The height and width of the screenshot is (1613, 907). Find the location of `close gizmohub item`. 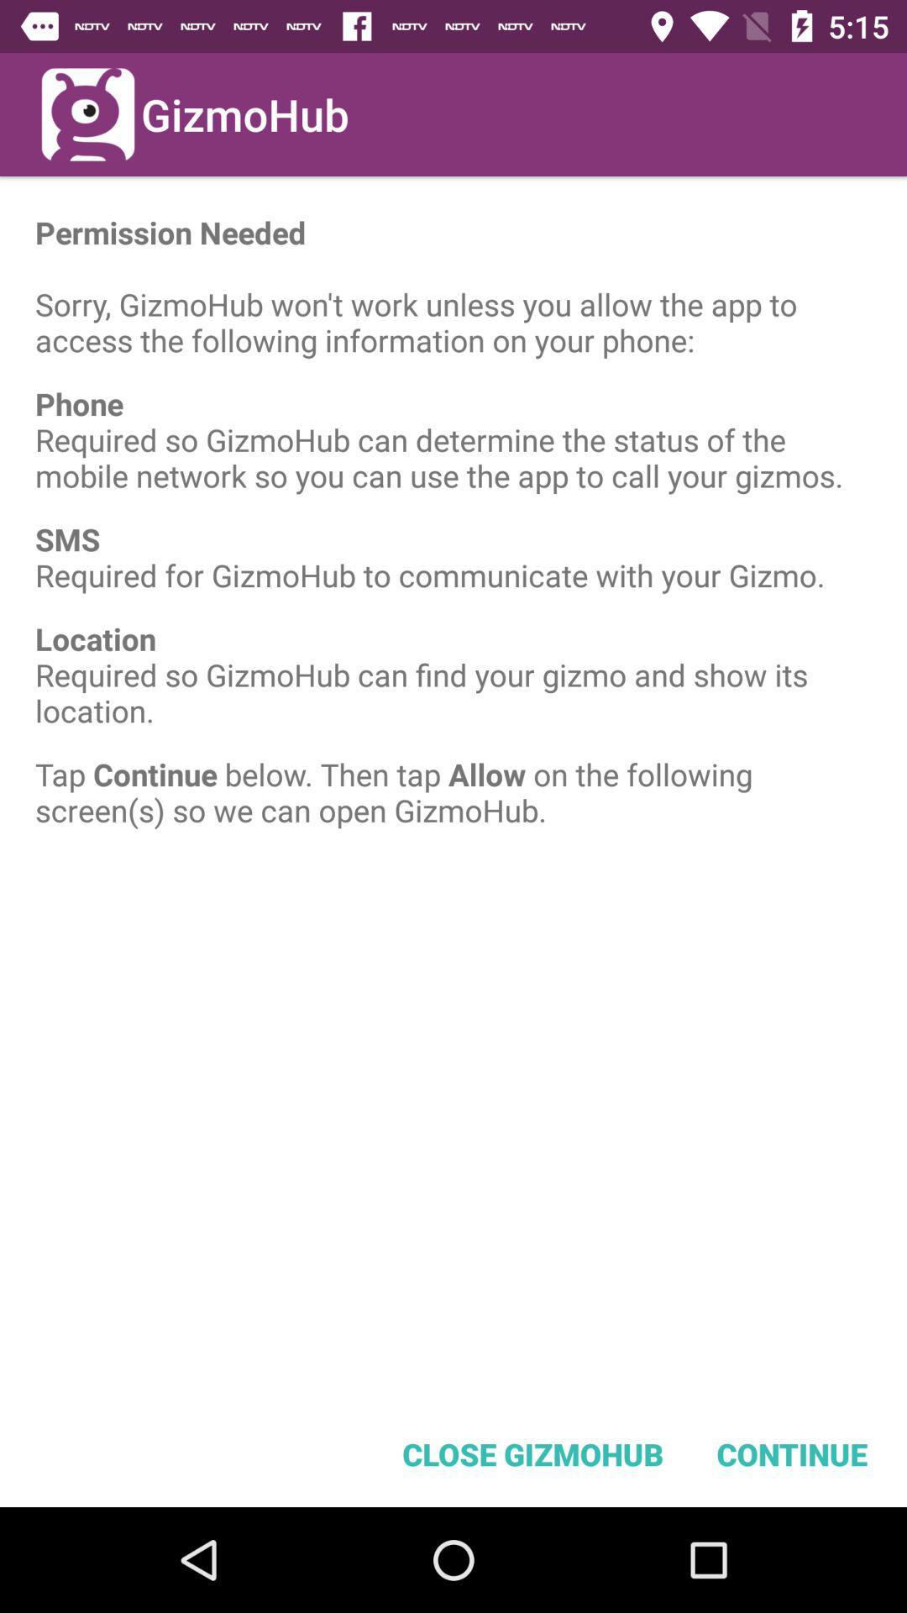

close gizmohub item is located at coordinates (532, 1453).